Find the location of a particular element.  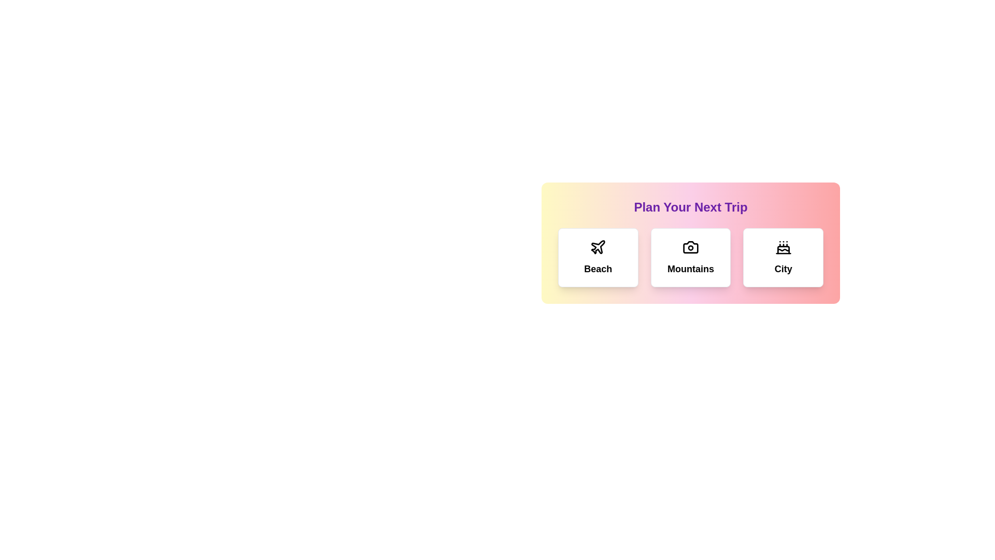

the card corresponding to the destination Beach is located at coordinates (598, 257).